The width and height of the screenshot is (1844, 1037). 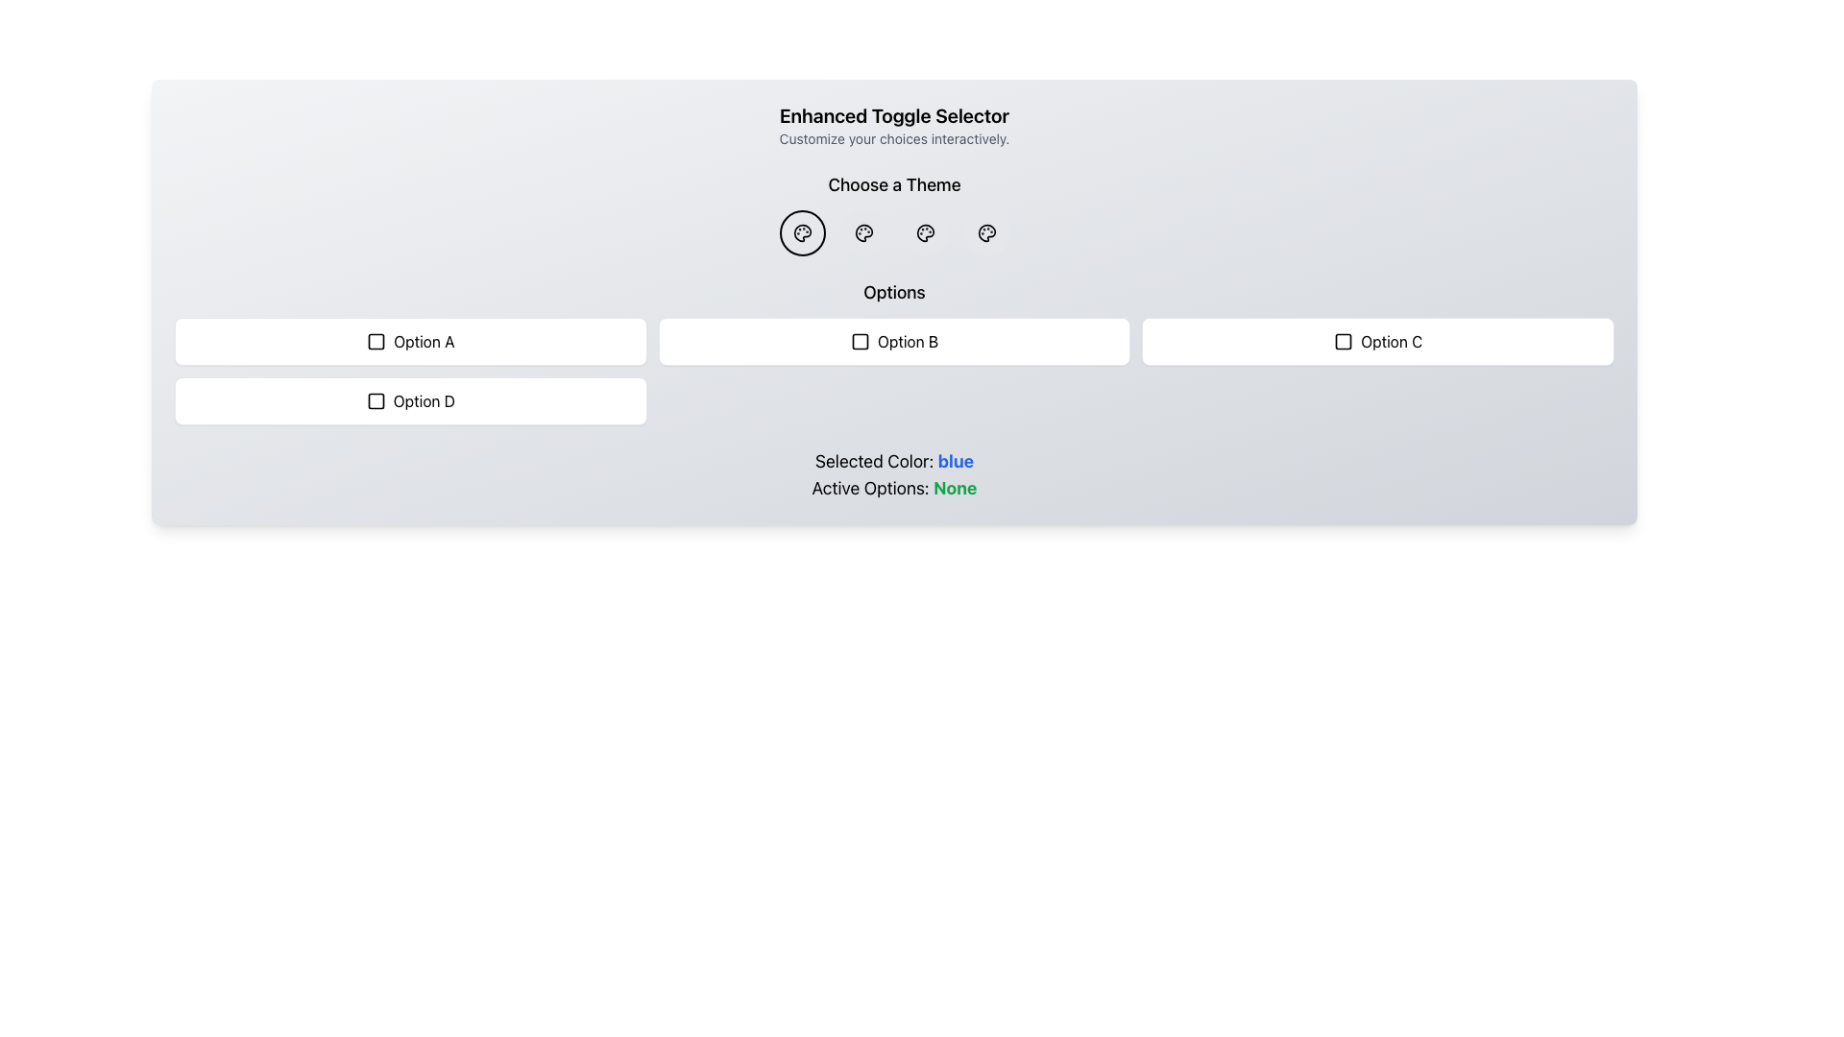 What do you see at coordinates (893, 138) in the screenshot?
I see `the Static Text element that provides guidance about the interactive customization feature, located under the 'Enhanced Toggle Selector' header` at bounding box center [893, 138].